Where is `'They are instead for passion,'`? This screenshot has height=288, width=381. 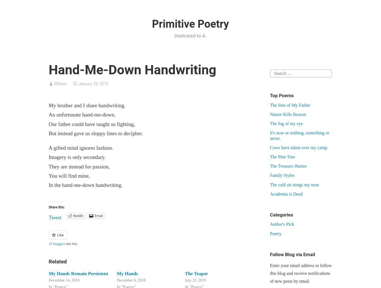 'They are instead for passion,' is located at coordinates (79, 166).